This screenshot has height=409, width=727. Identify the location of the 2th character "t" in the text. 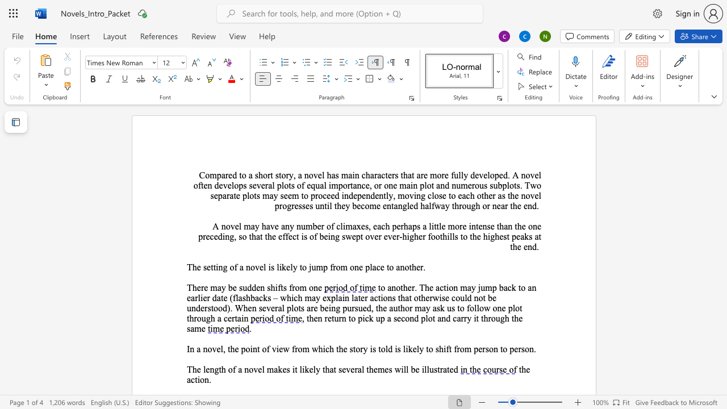
(196, 379).